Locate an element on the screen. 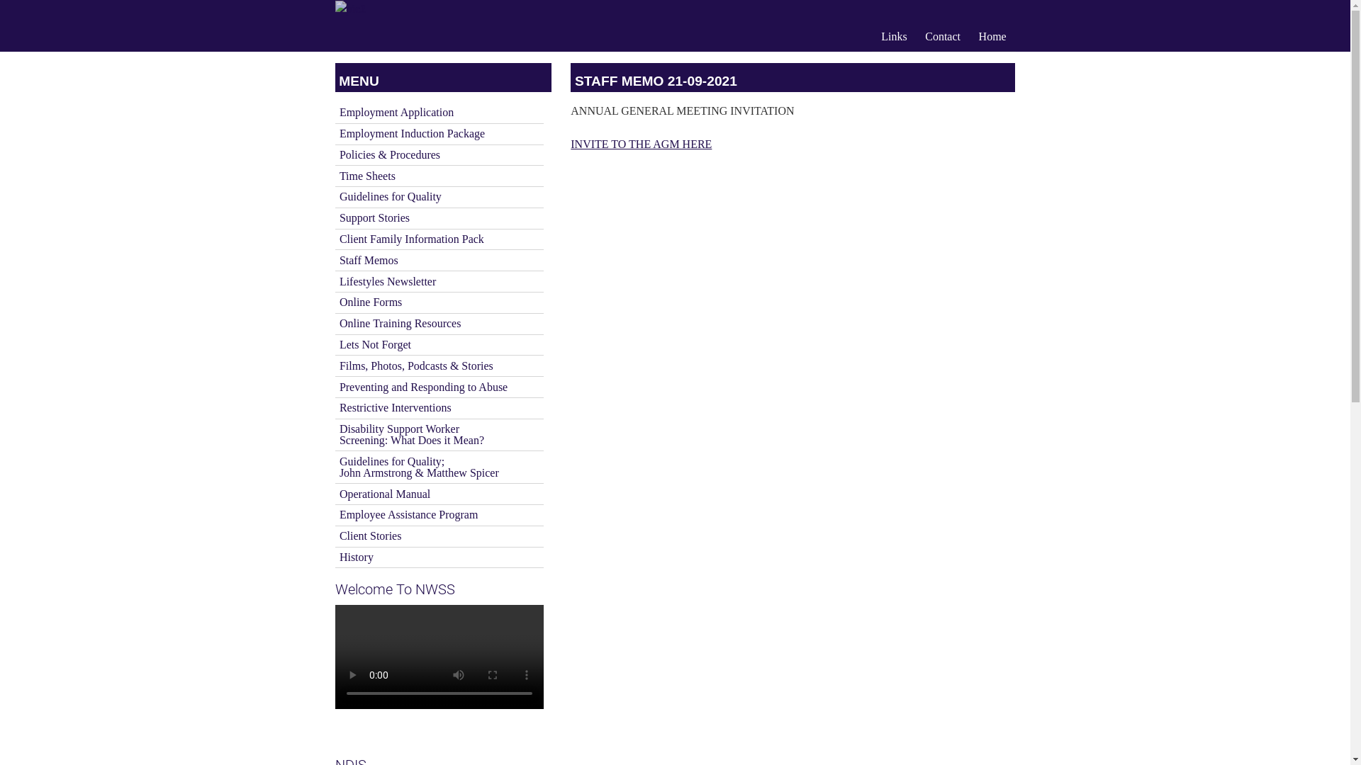 Image resolution: width=1361 pixels, height=765 pixels. 'Employment Induction Package' is located at coordinates (438, 134).